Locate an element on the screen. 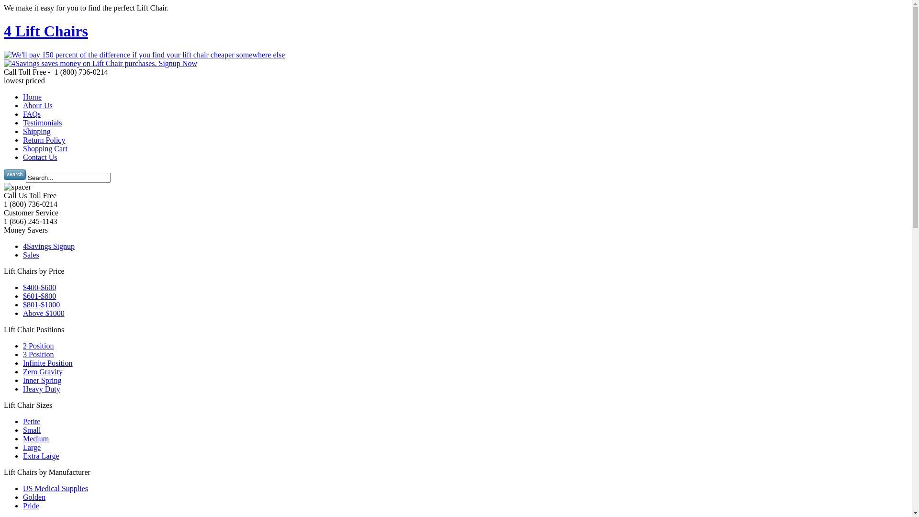 The height and width of the screenshot is (517, 919). 'Inner Spring' is located at coordinates (41, 380).